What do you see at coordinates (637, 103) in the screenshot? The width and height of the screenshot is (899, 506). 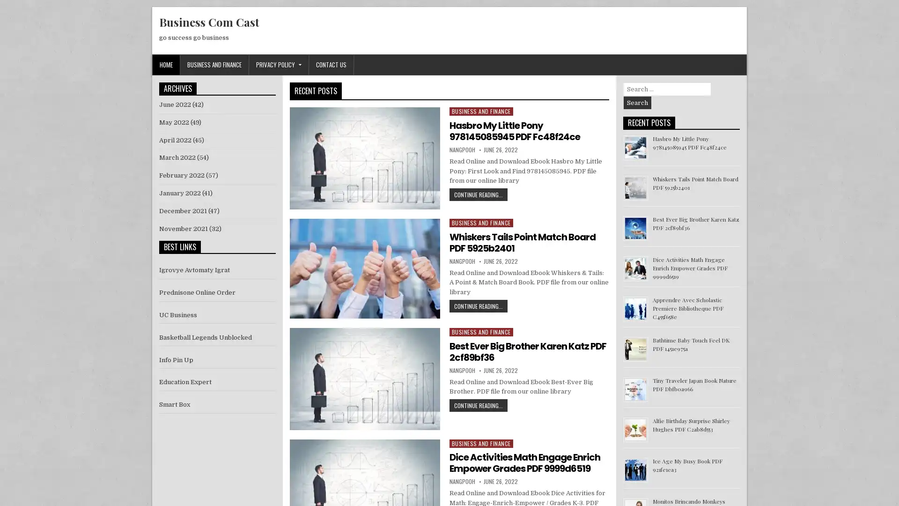 I see `Search` at bounding box center [637, 103].